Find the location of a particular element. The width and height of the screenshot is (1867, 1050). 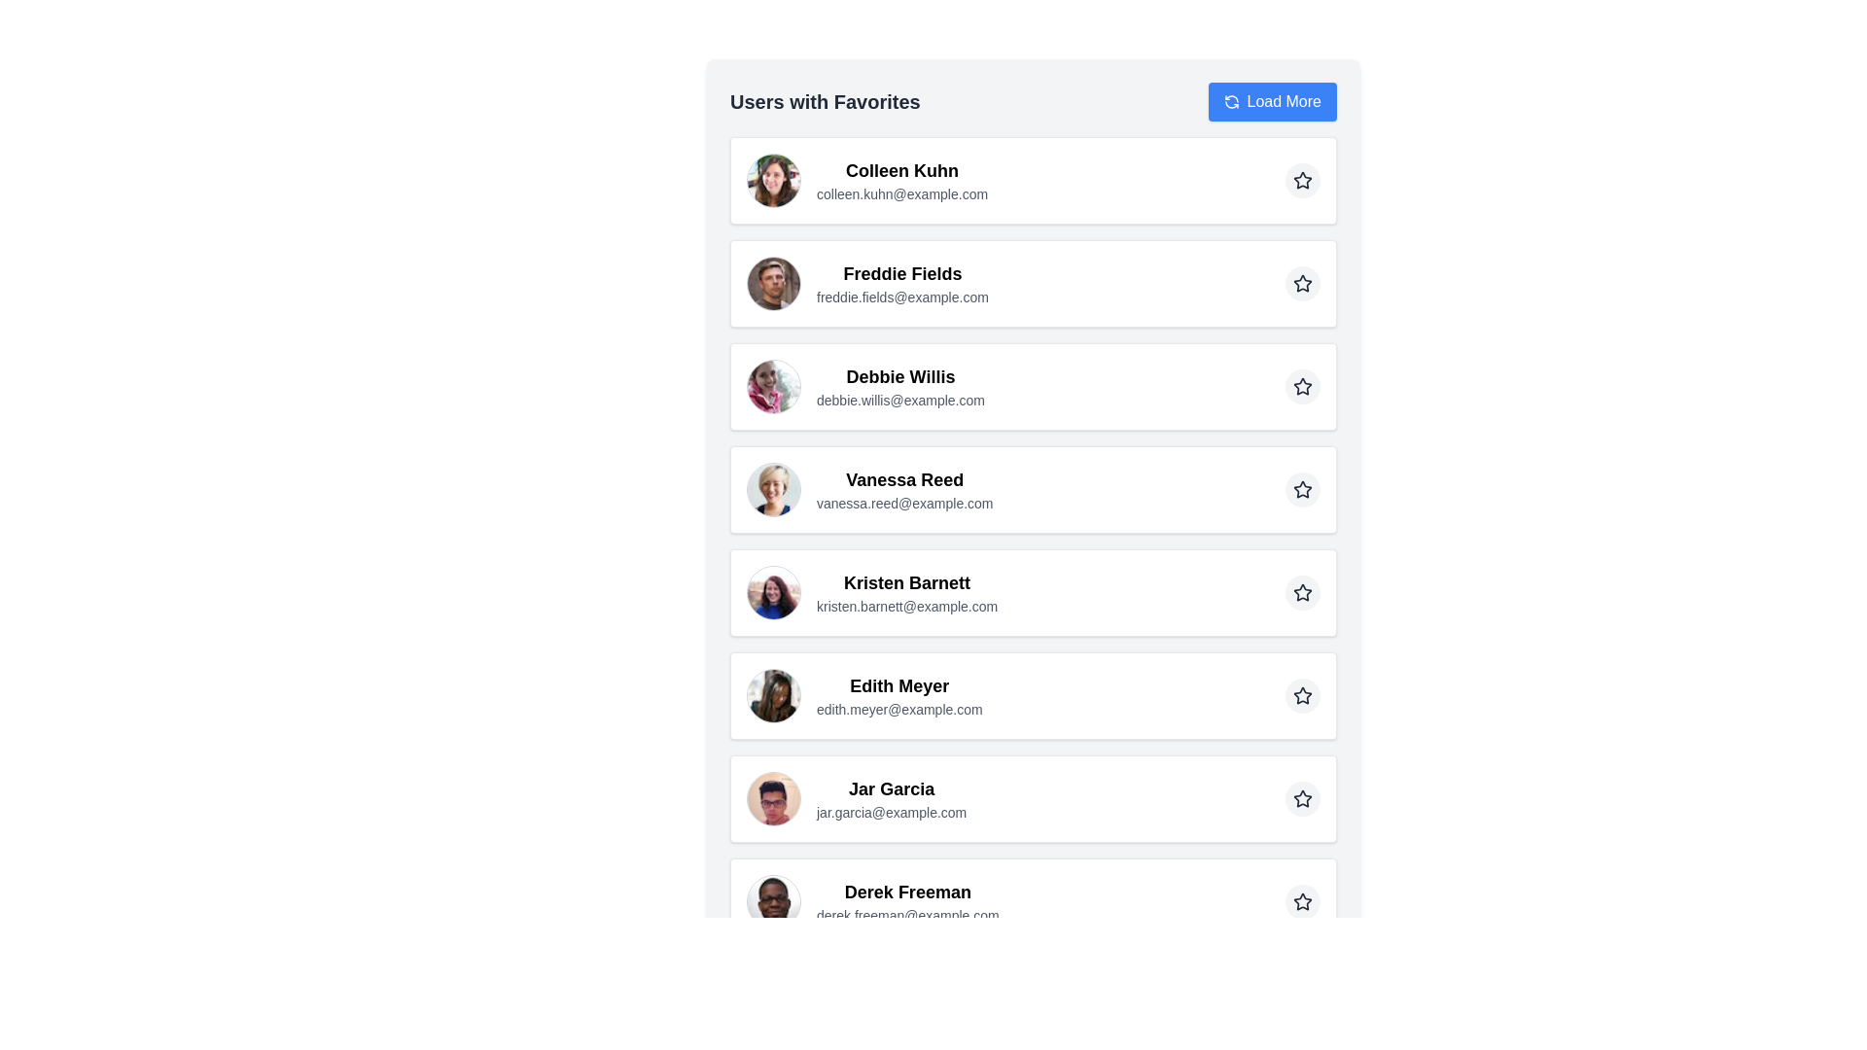

the text label displaying the user's full name, which is located fourth in the user profile list, above the email address 'vanessa.reed@example.com' is located at coordinates (903, 479).